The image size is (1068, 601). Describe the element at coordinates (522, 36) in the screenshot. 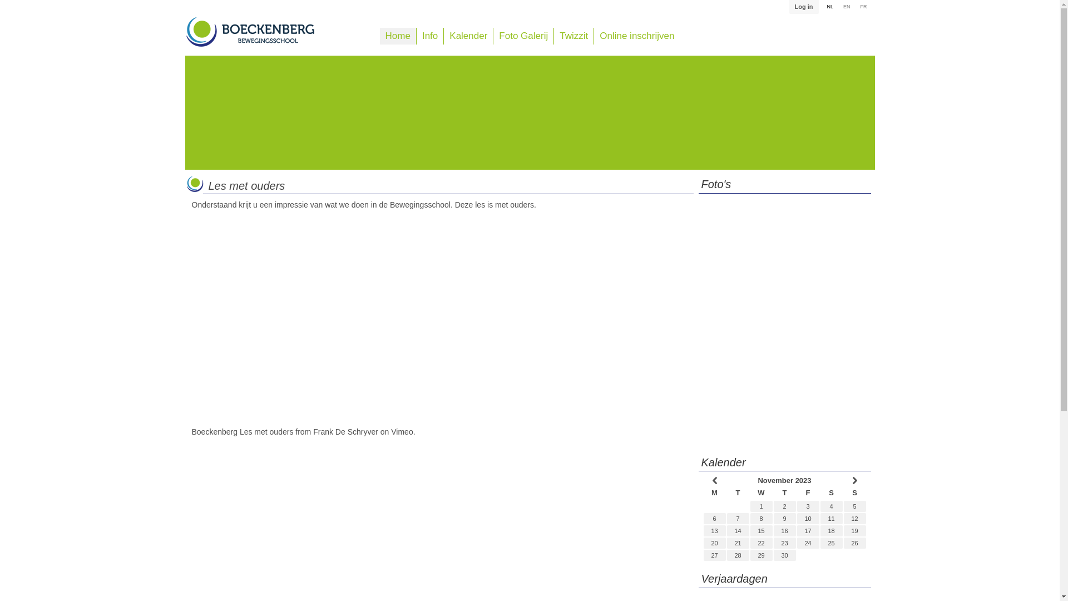

I see `'Foto Galerij'` at that location.